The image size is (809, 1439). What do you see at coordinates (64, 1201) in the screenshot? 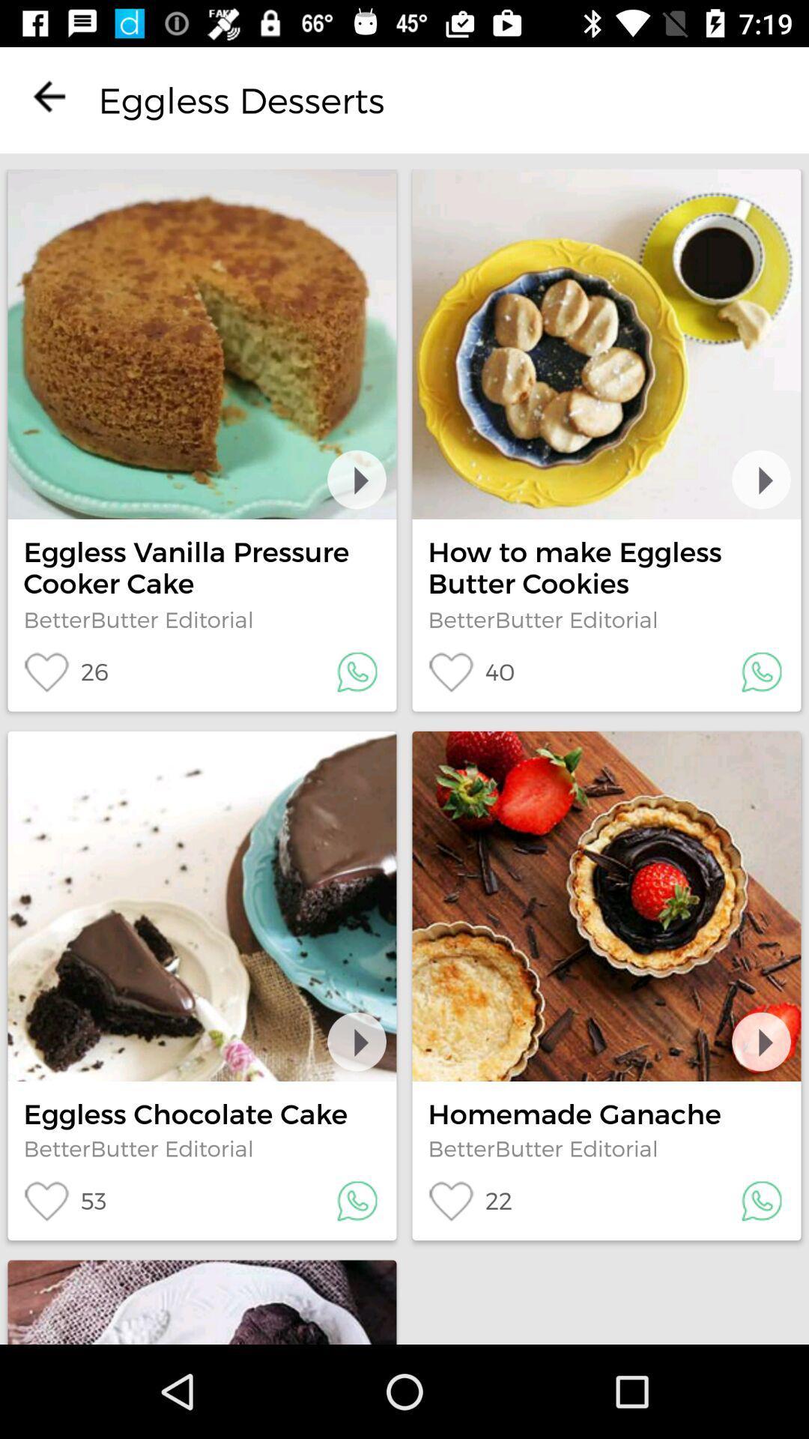
I see `the icon below the betterbutter editorial` at bounding box center [64, 1201].